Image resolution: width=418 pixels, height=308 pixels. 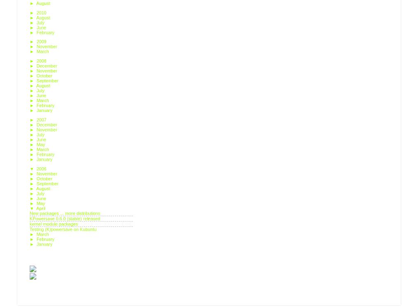 I want to click on '2009', so click(x=42, y=41).